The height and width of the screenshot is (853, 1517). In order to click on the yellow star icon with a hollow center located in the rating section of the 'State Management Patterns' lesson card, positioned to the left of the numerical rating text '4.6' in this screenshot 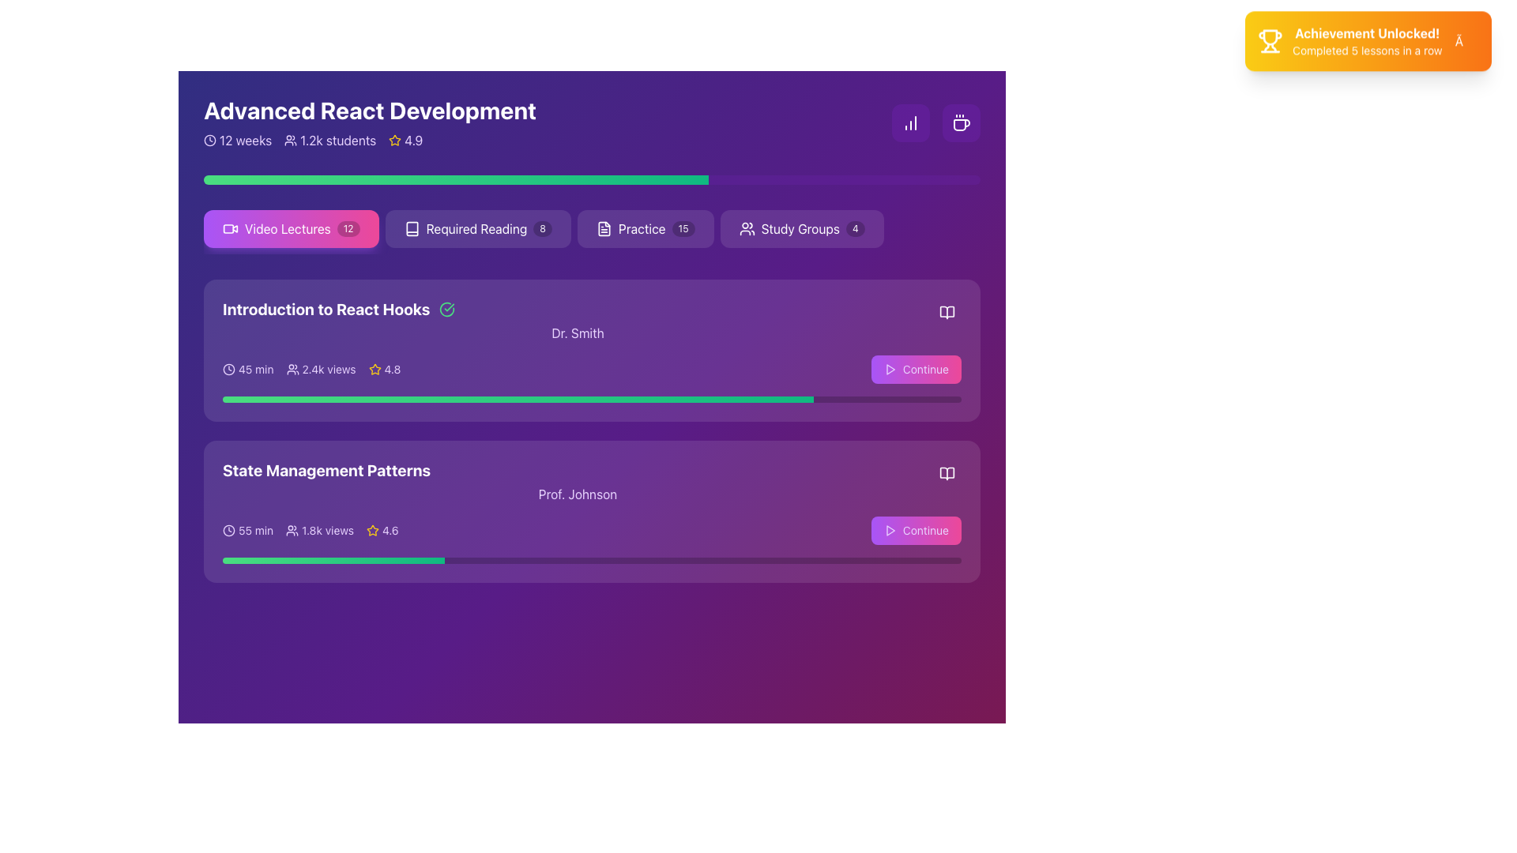, I will do `click(371, 530)`.